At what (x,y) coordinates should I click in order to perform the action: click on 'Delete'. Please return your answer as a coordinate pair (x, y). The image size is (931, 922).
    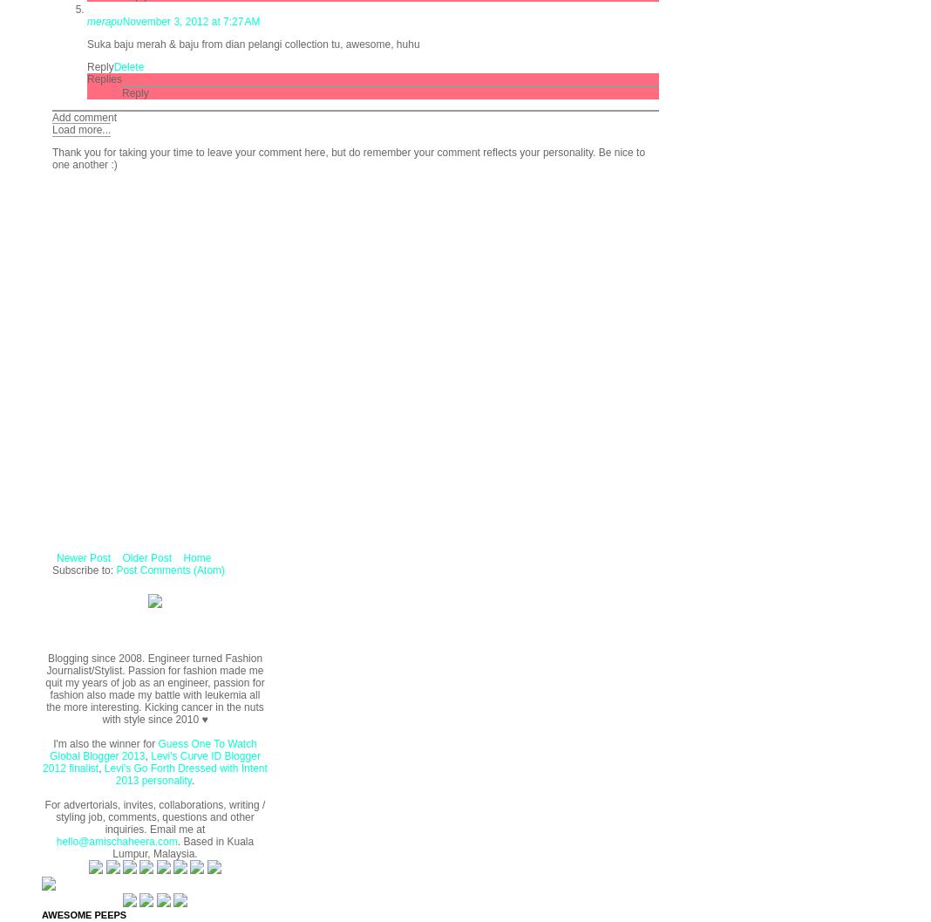
    Looking at the image, I should click on (128, 65).